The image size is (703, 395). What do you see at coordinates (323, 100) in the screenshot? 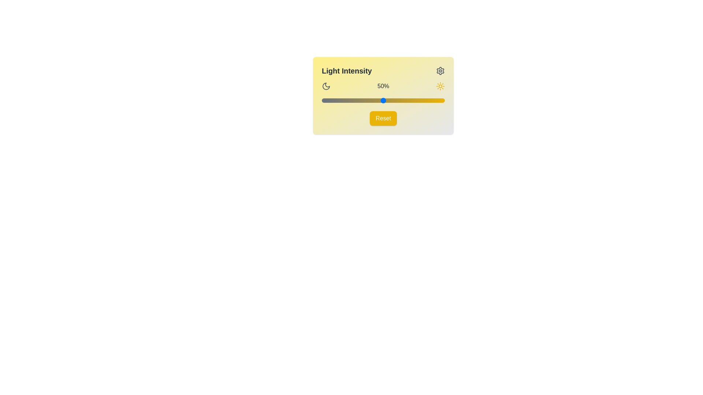
I see `the brightness slider to 1%` at bounding box center [323, 100].